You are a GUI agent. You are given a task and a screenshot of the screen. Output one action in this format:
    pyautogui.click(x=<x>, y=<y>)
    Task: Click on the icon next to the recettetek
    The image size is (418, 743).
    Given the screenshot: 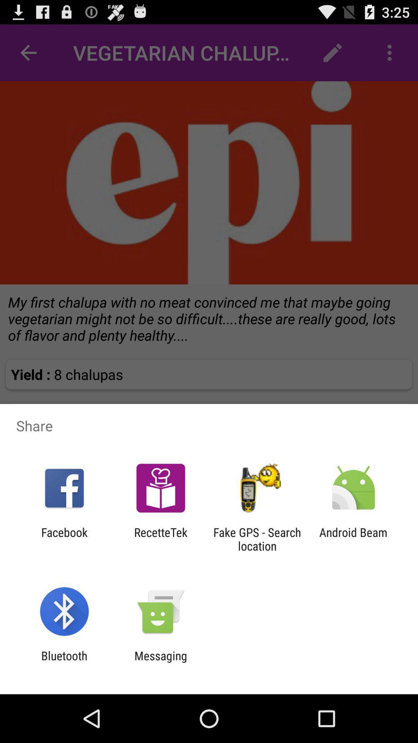 What is the action you would take?
    pyautogui.click(x=64, y=539)
    